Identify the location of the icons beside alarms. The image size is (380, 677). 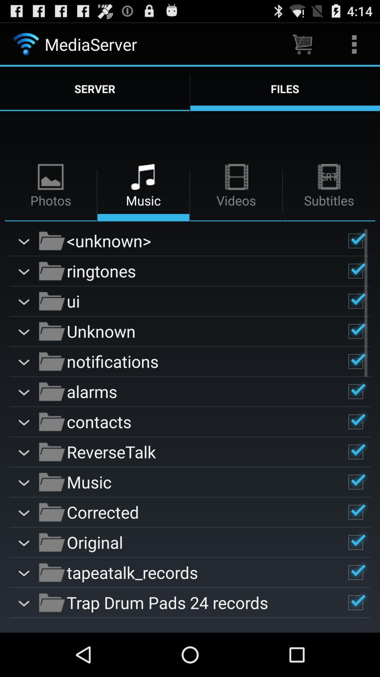
(51, 391).